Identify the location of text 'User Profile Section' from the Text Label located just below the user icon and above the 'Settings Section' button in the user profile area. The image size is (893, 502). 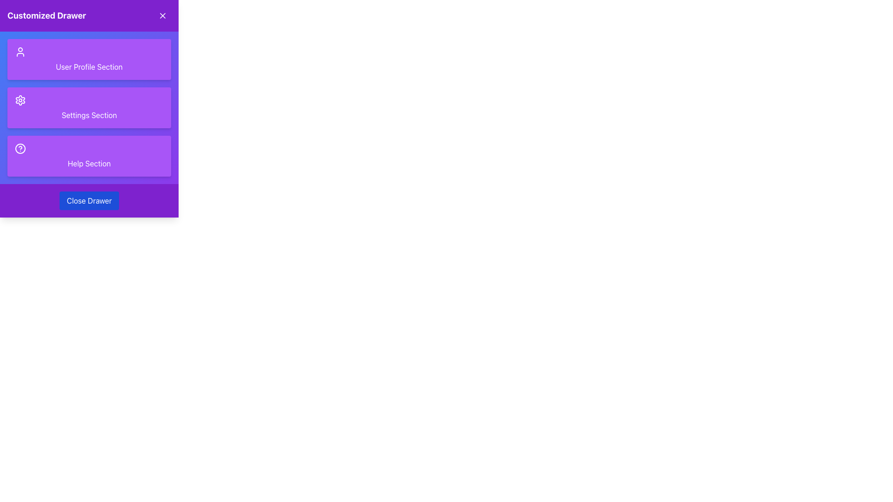
(89, 66).